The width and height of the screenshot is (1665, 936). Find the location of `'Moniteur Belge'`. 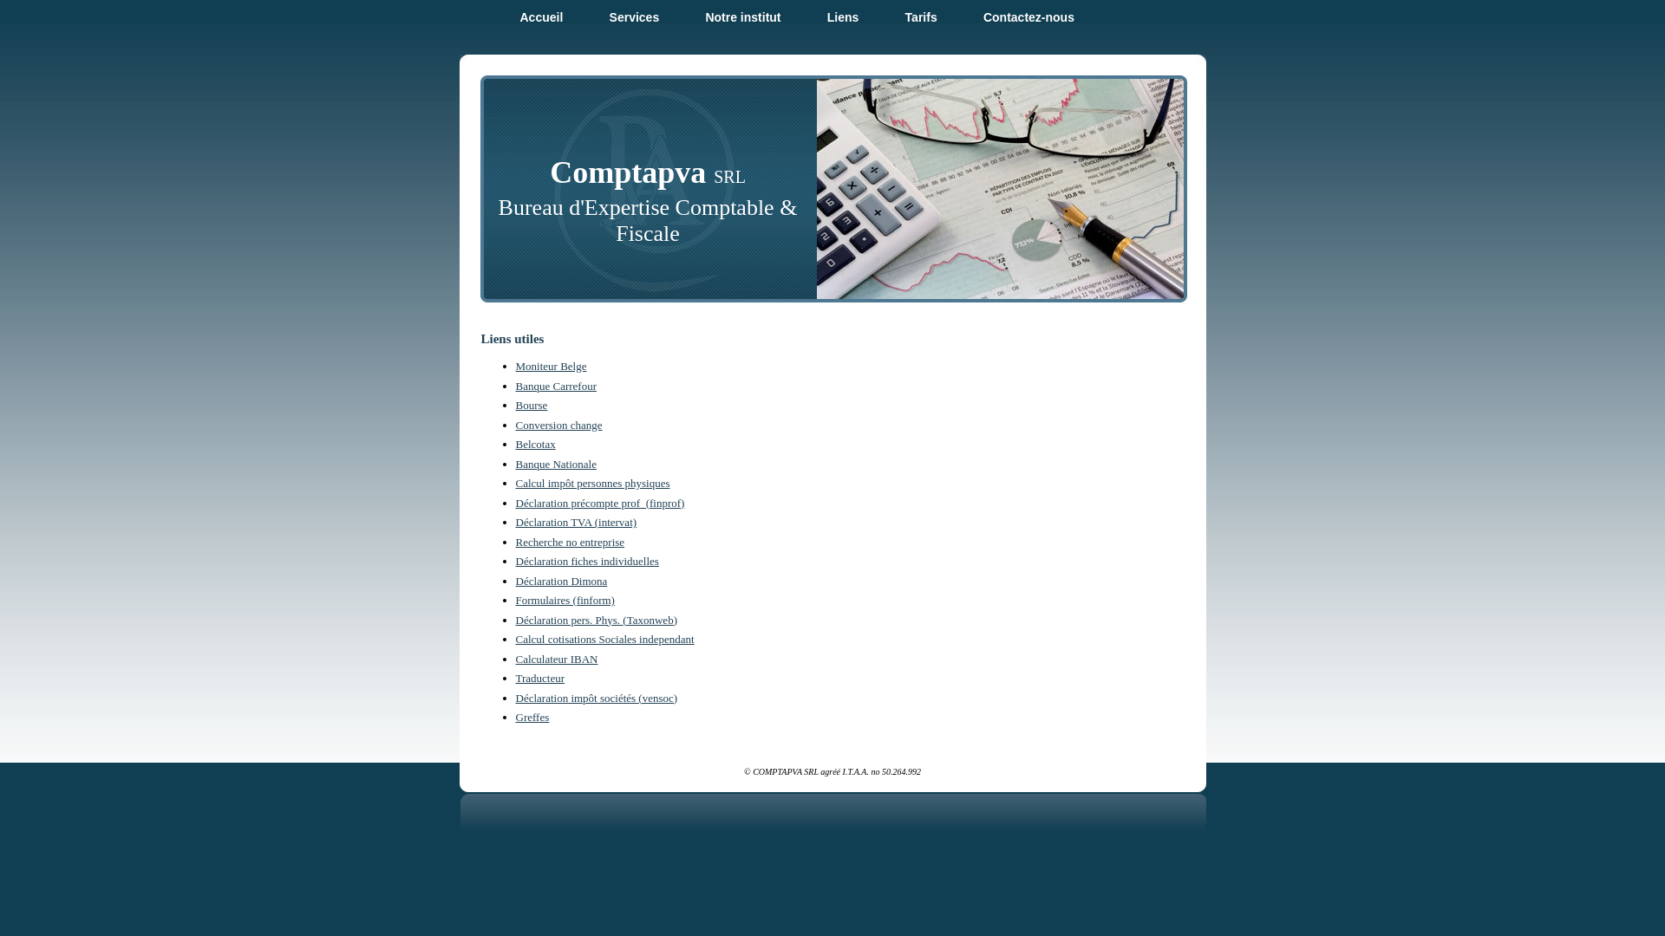

'Moniteur Belge' is located at coordinates (549, 365).